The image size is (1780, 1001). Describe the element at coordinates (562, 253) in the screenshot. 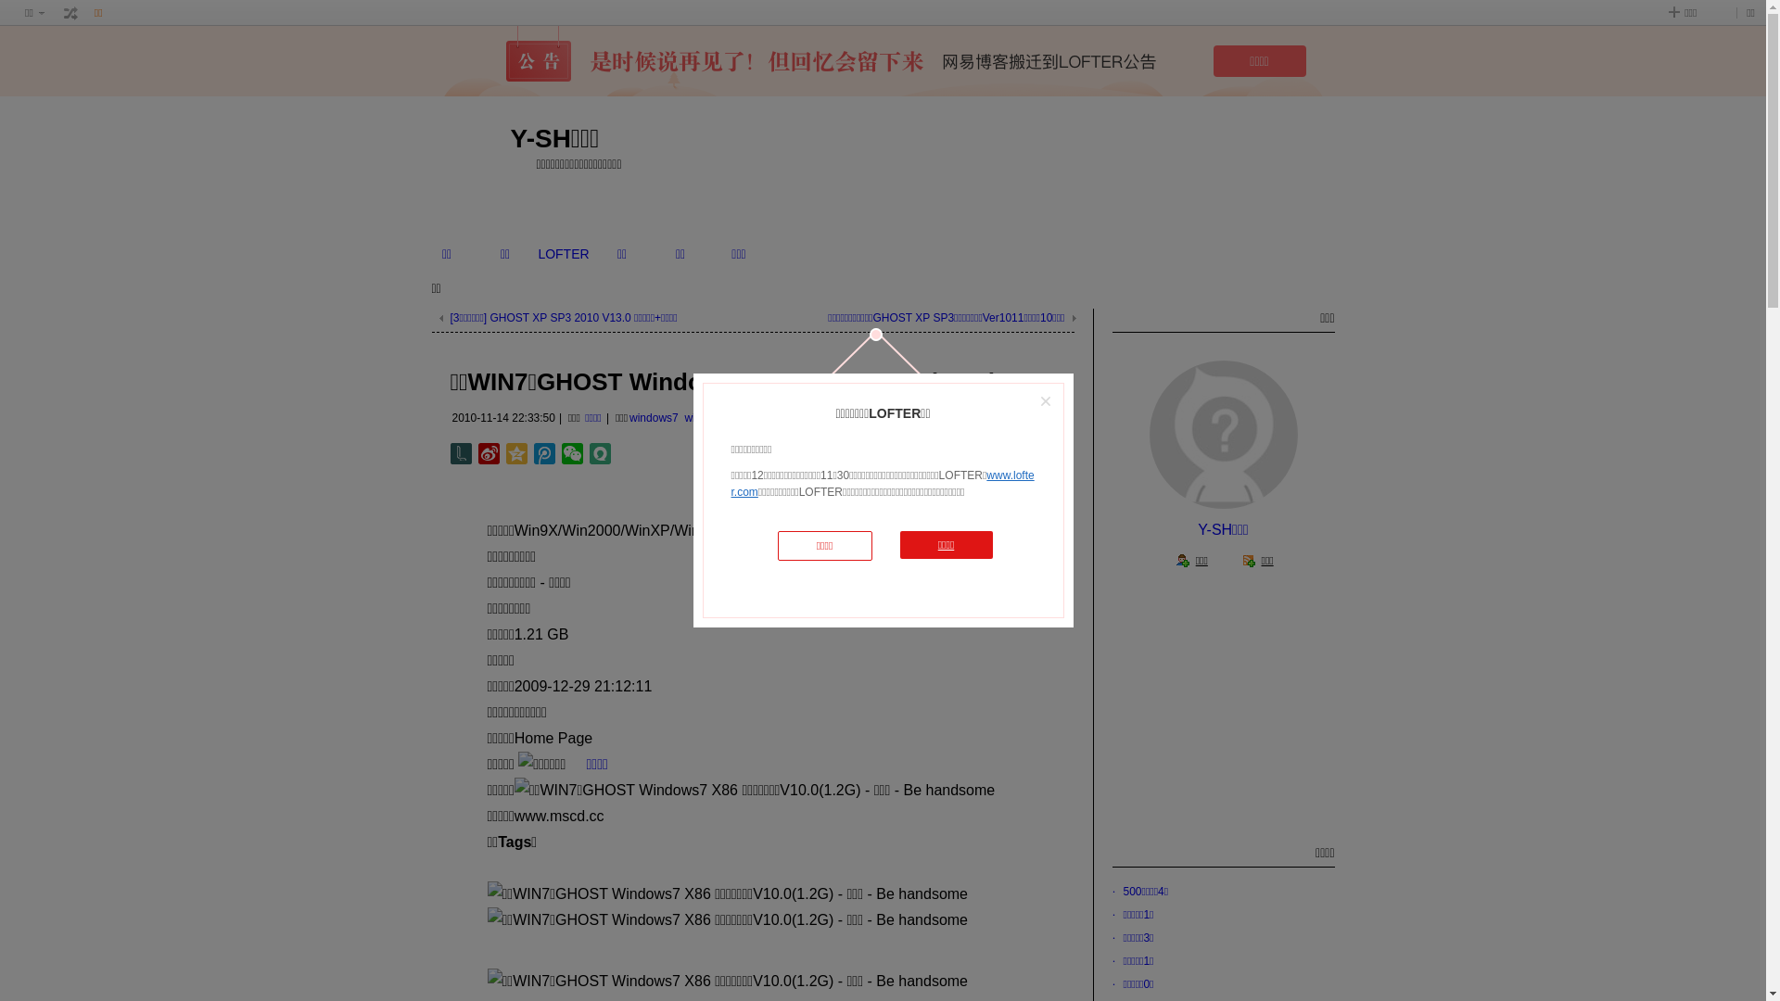

I see `'LOFTER'` at that location.